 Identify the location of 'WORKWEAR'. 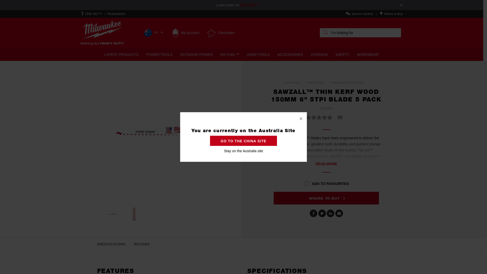
(368, 55).